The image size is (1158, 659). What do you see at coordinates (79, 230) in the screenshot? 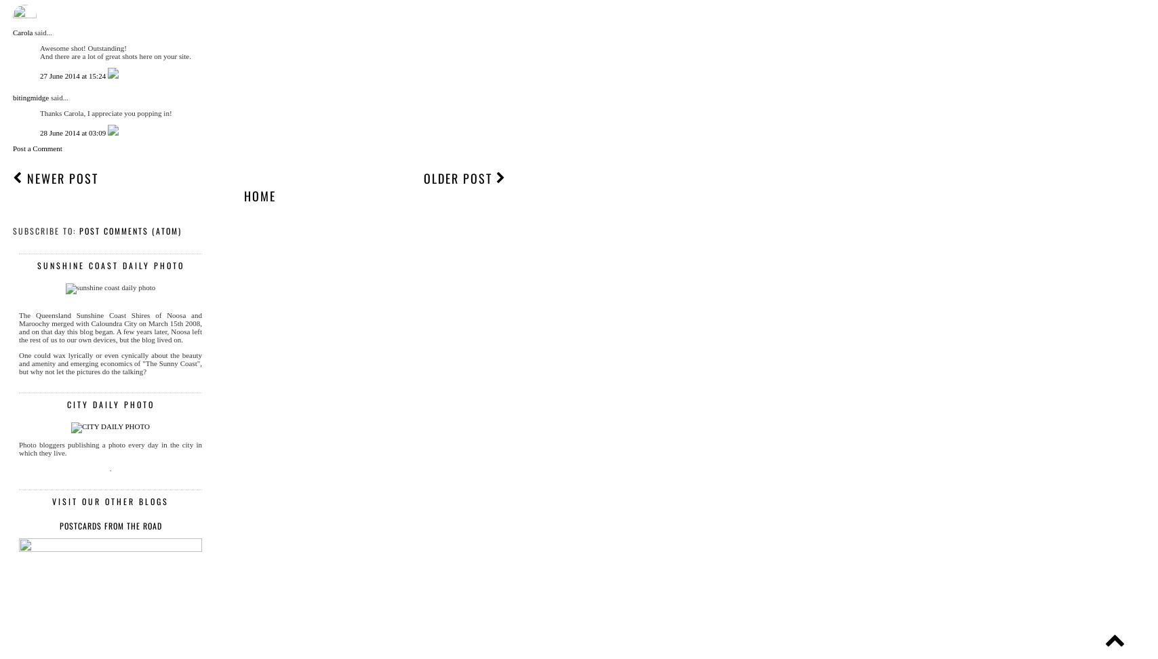
I see `'Post Comments (Atom)'` at bounding box center [79, 230].